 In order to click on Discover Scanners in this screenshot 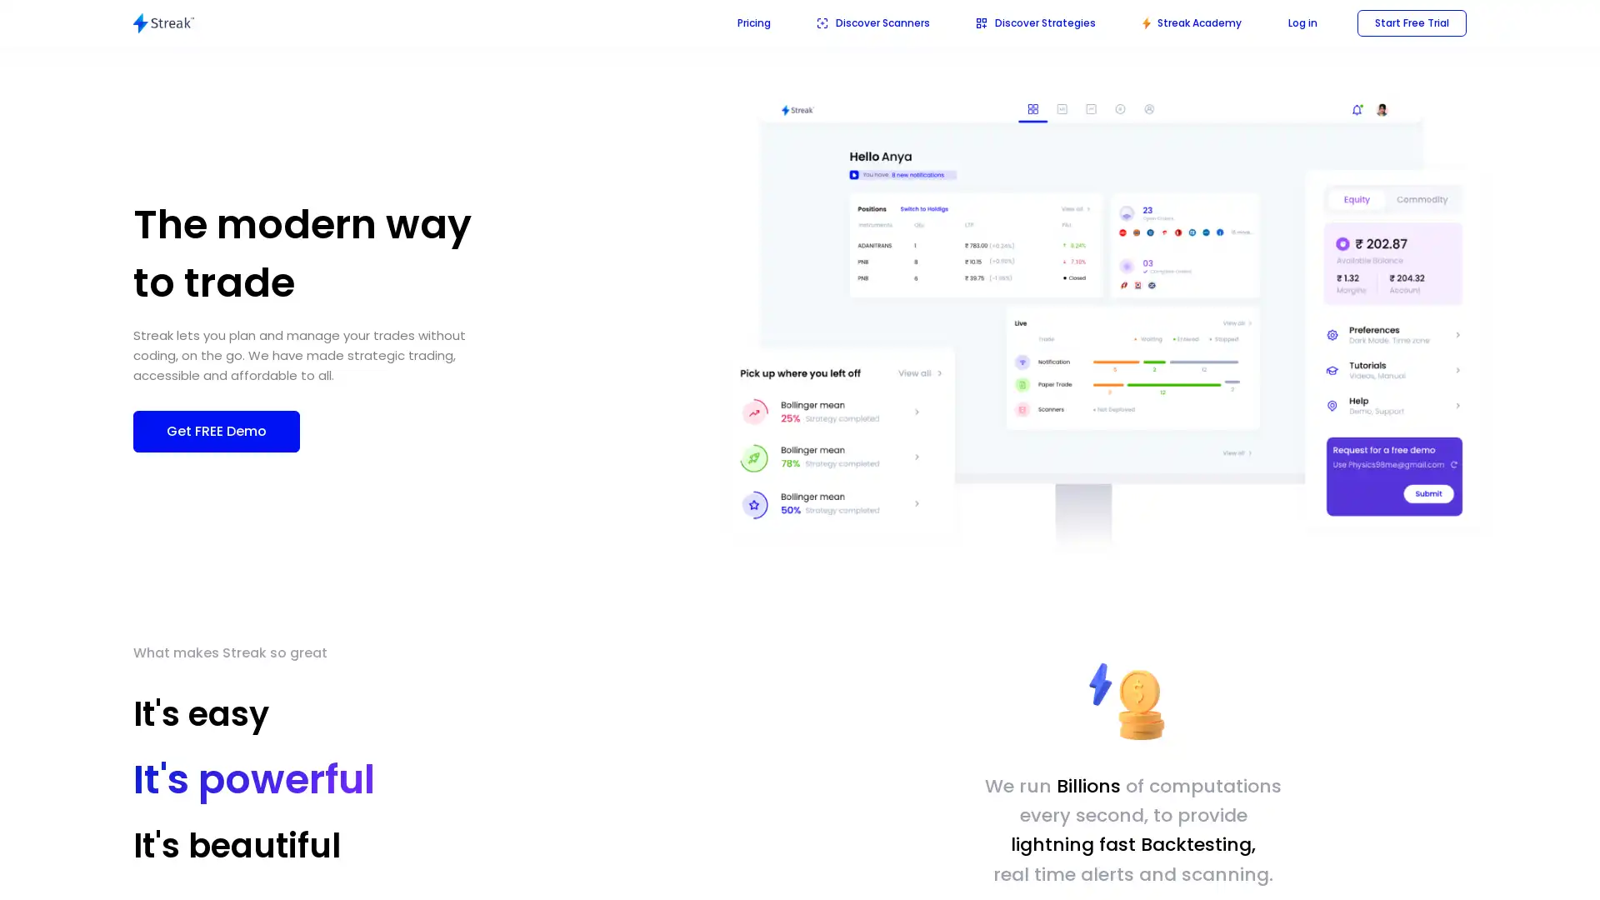, I will do `click(872, 22)`.